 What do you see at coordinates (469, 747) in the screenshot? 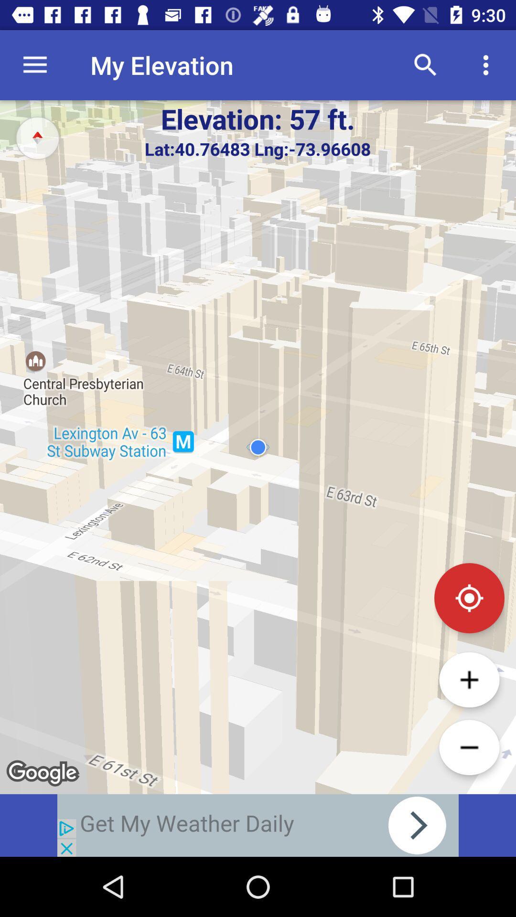
I see `the zoom_out icon` at bounding box center [469, 747].